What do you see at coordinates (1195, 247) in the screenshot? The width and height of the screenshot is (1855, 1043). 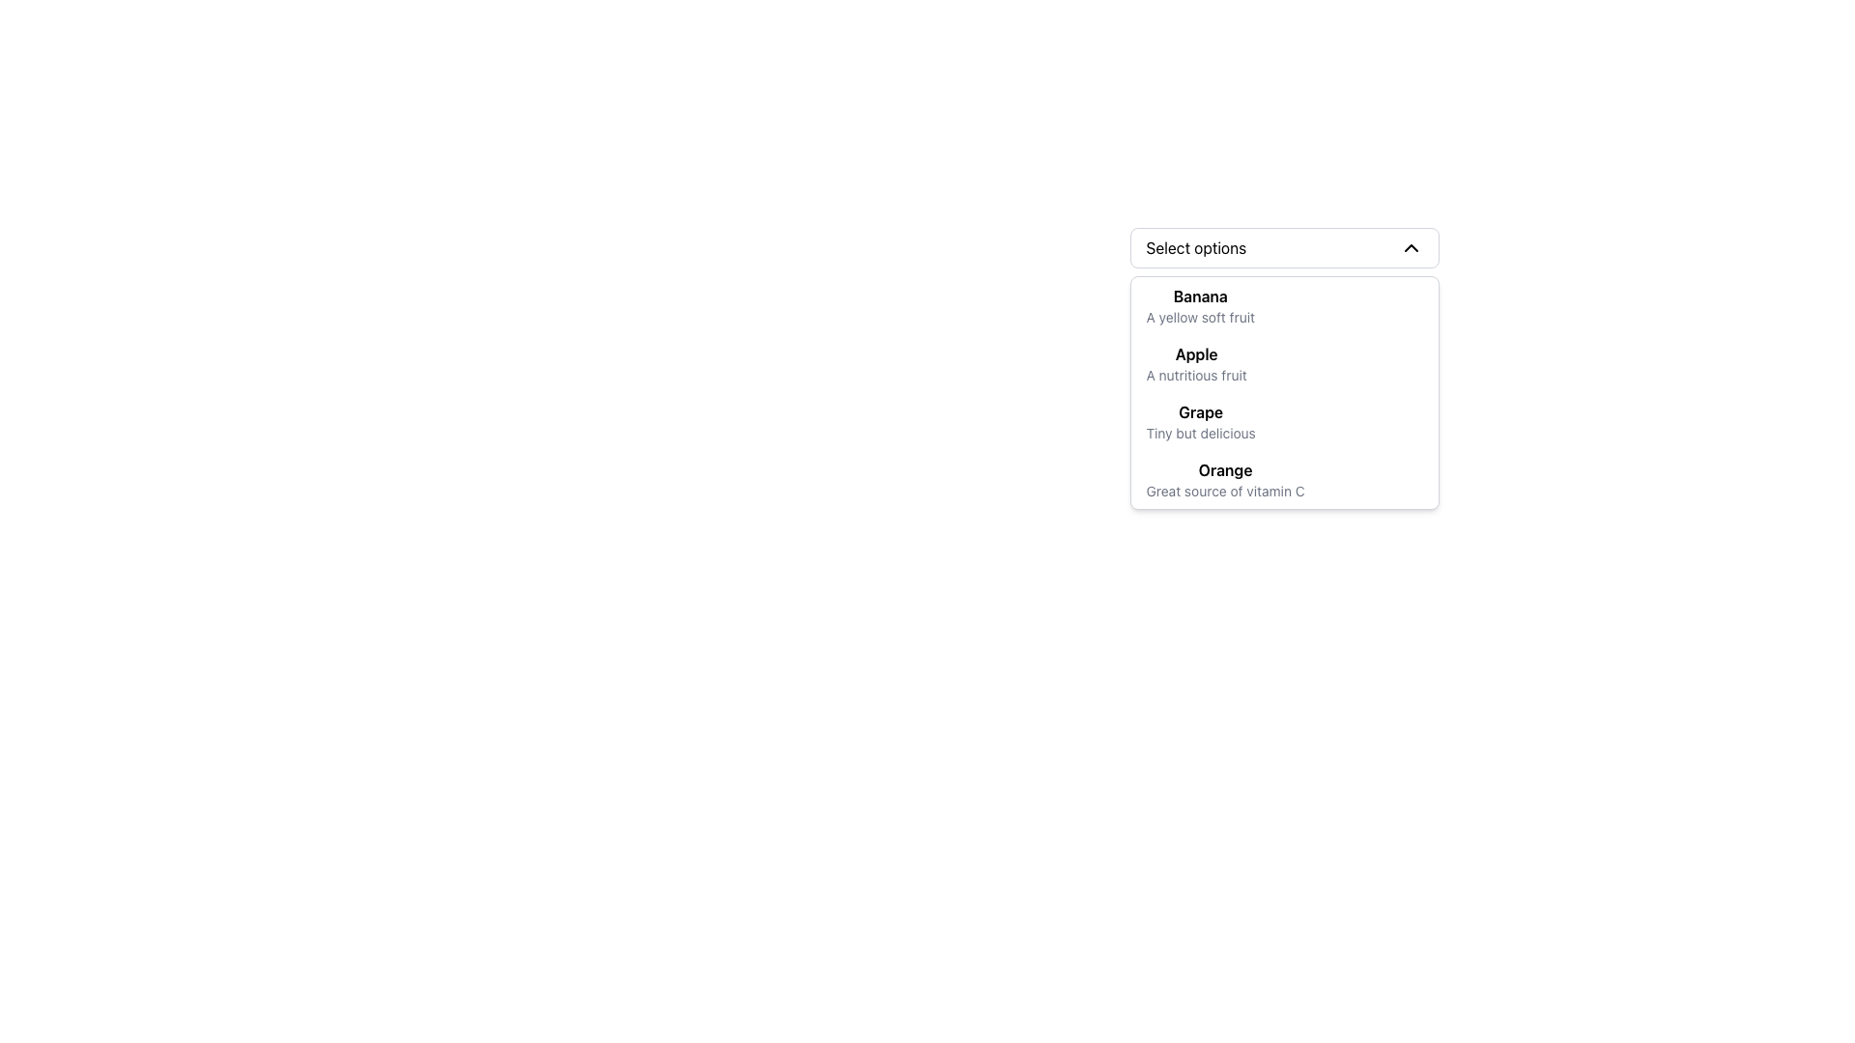 I see `the static text element that serves as the title of the dropdown menu for accessibility interactions` at bounding box center [1195, 247].